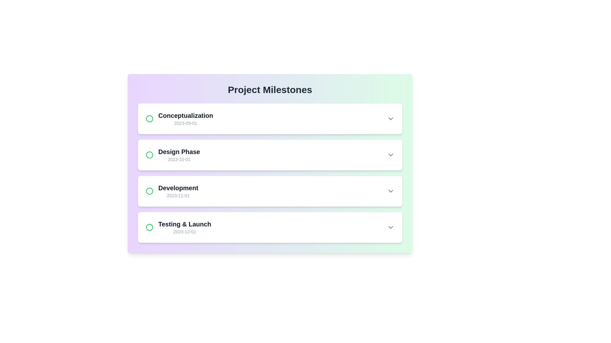 The width and height of the screenshot is (611, 343). Describe the element at coordinates (178, 227) in the screenshot. I see `the milestone 'Testing & Launch' scheduled for '2023-12-01' which is the fourth item in the 'Project Milestones' list` at that location.